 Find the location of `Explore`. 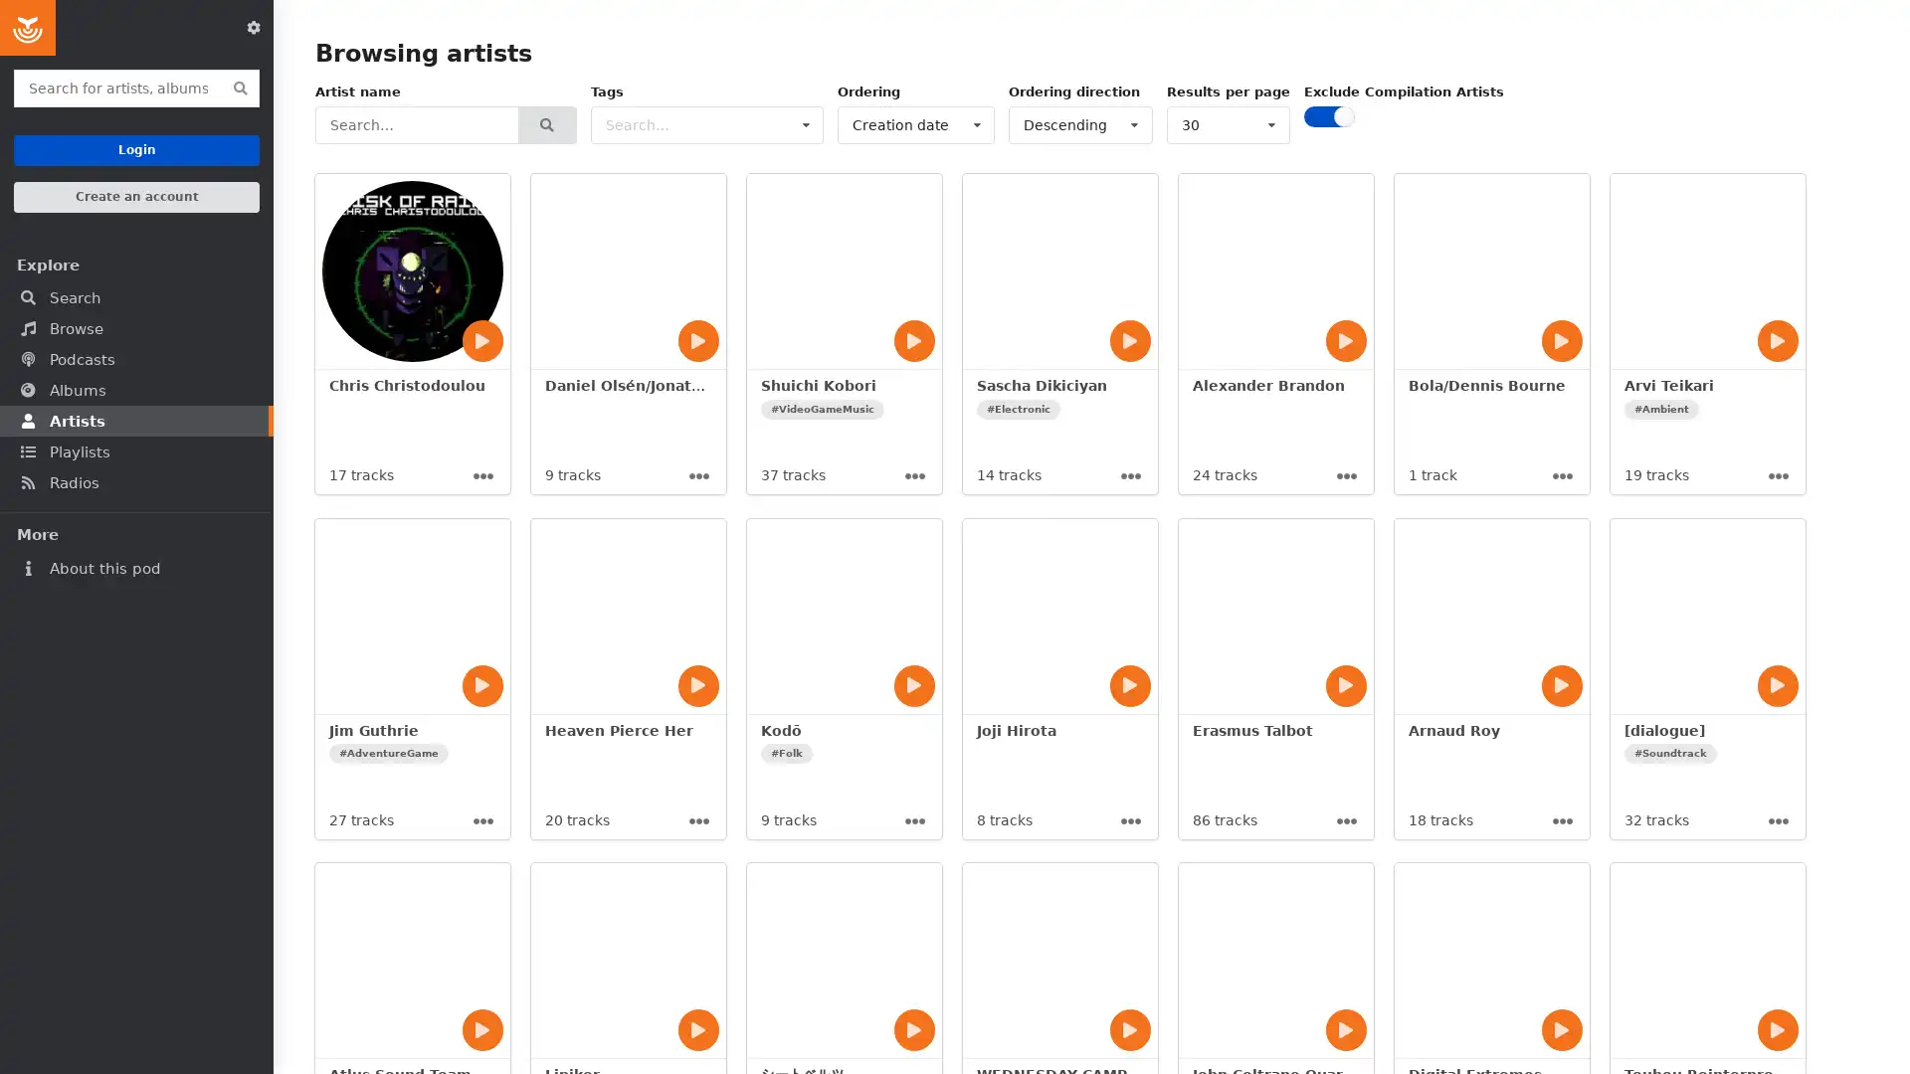

Explore is located at coordinates (135, 264).